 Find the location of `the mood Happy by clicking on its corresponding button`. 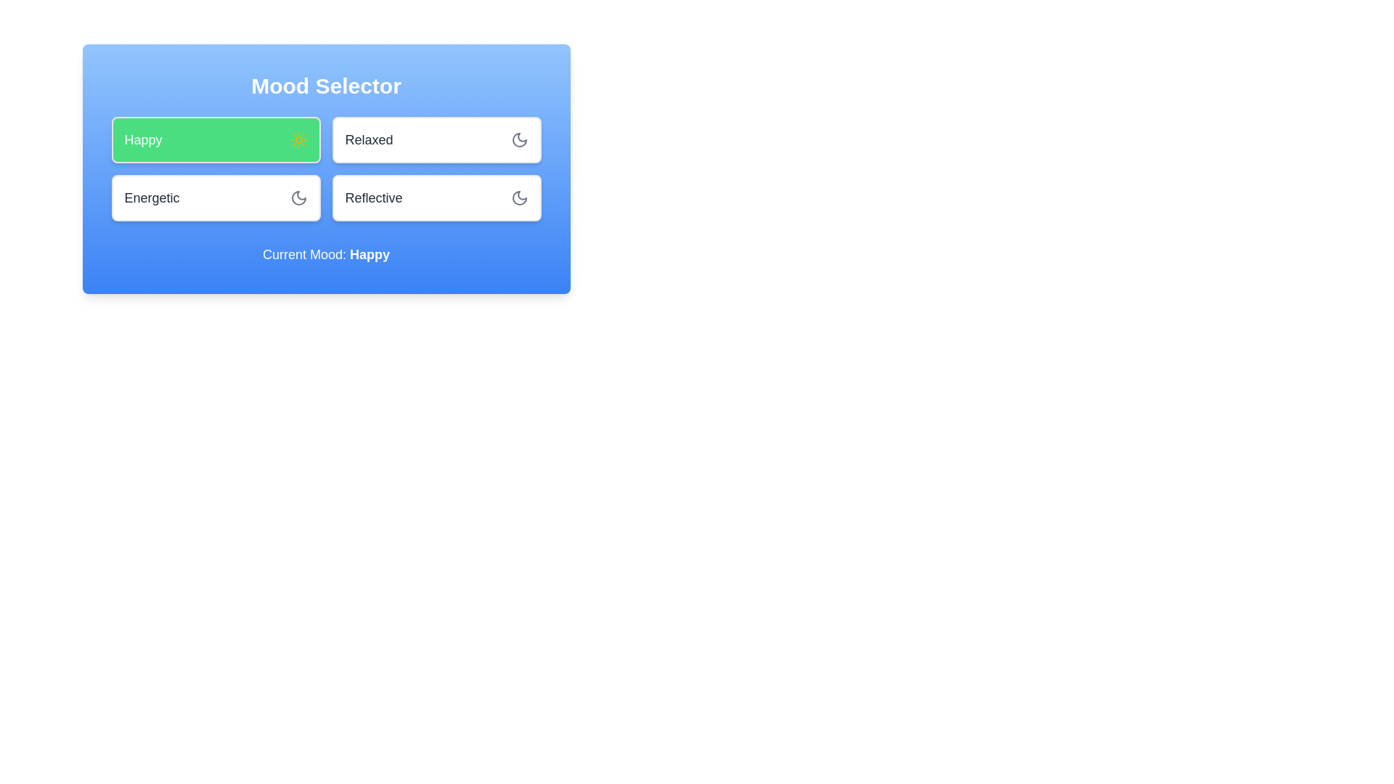

the mood Happy by clicking on its corresponding button is located at coordinates (215, 139).